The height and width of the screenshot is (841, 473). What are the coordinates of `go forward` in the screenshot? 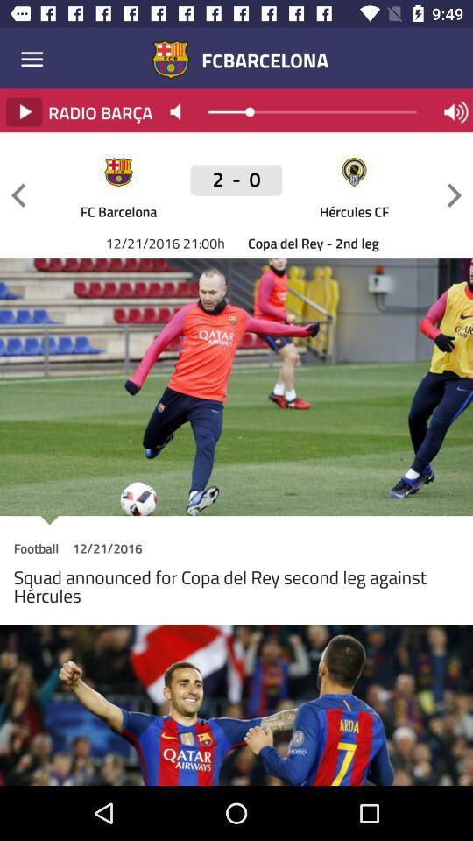 It's located at (454, 195).